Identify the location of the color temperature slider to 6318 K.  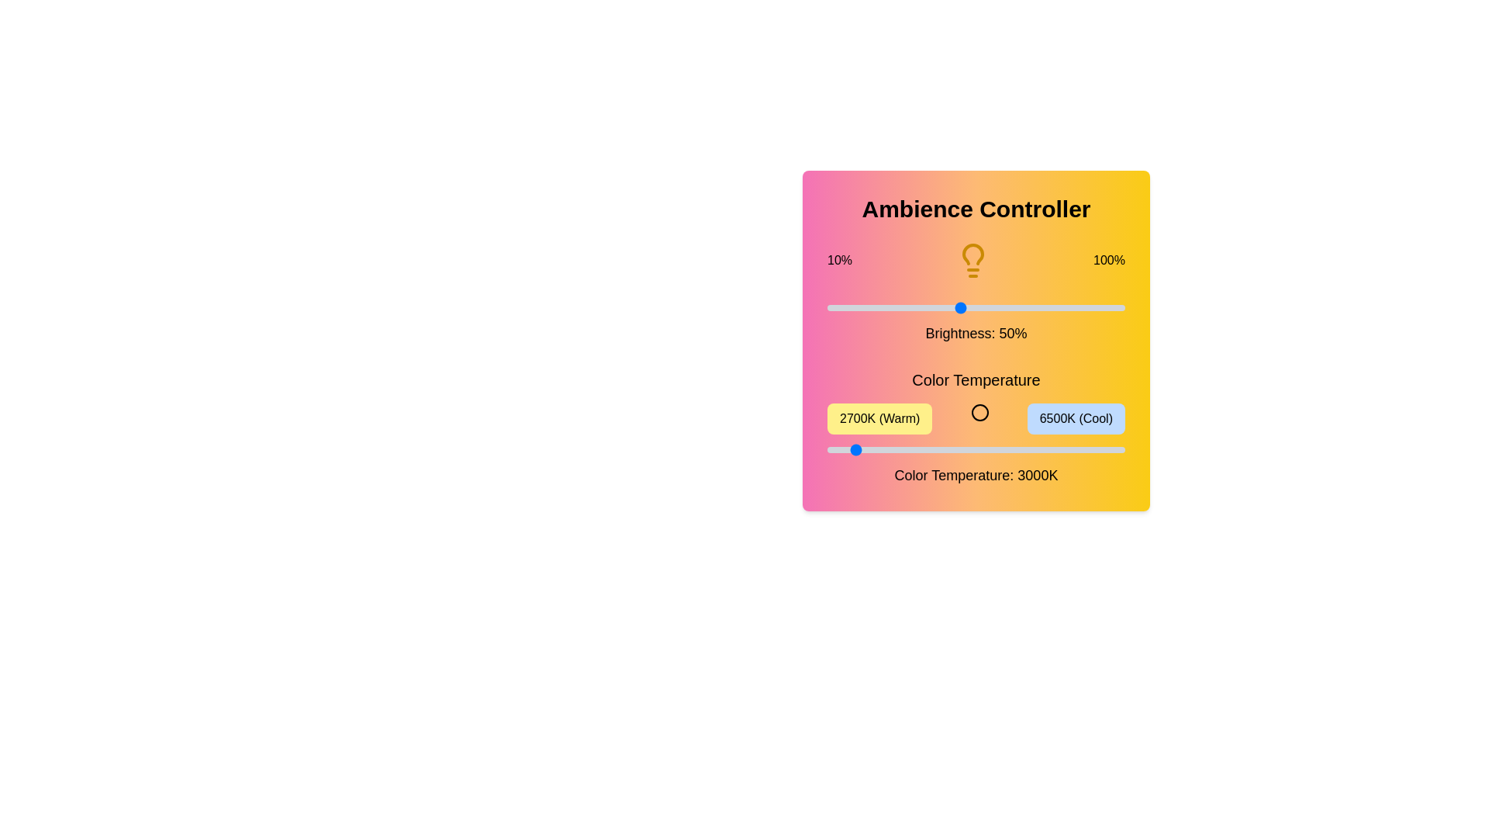
(1110, 449).